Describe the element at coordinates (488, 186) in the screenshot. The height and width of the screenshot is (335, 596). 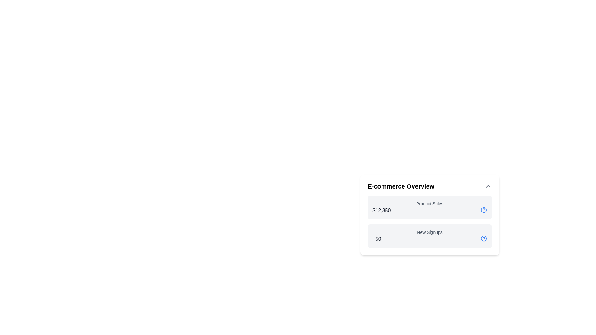
I see `the toggle button located at the upper-right corner of the 'E-commerce Overview' card` at that location.